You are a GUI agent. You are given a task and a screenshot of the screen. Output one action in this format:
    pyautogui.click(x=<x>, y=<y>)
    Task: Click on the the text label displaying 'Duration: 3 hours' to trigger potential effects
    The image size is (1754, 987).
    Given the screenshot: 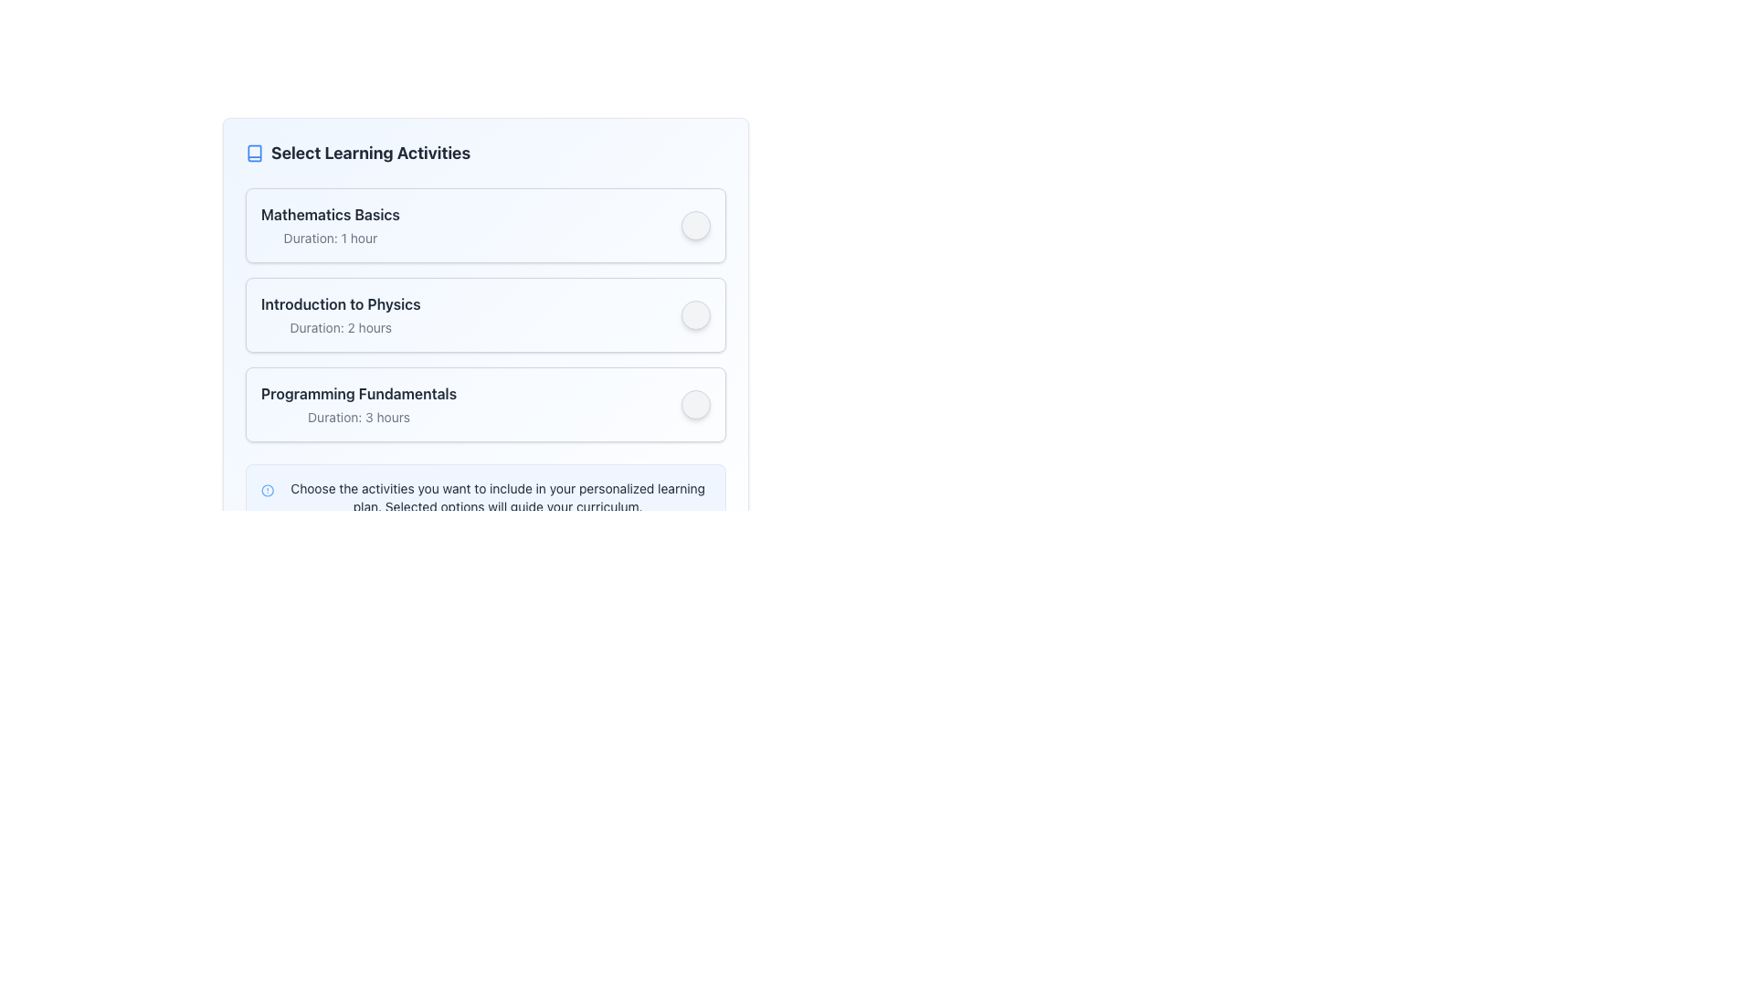 What is the action you would take?
    pyautogui.click(x=359, y=417)
    